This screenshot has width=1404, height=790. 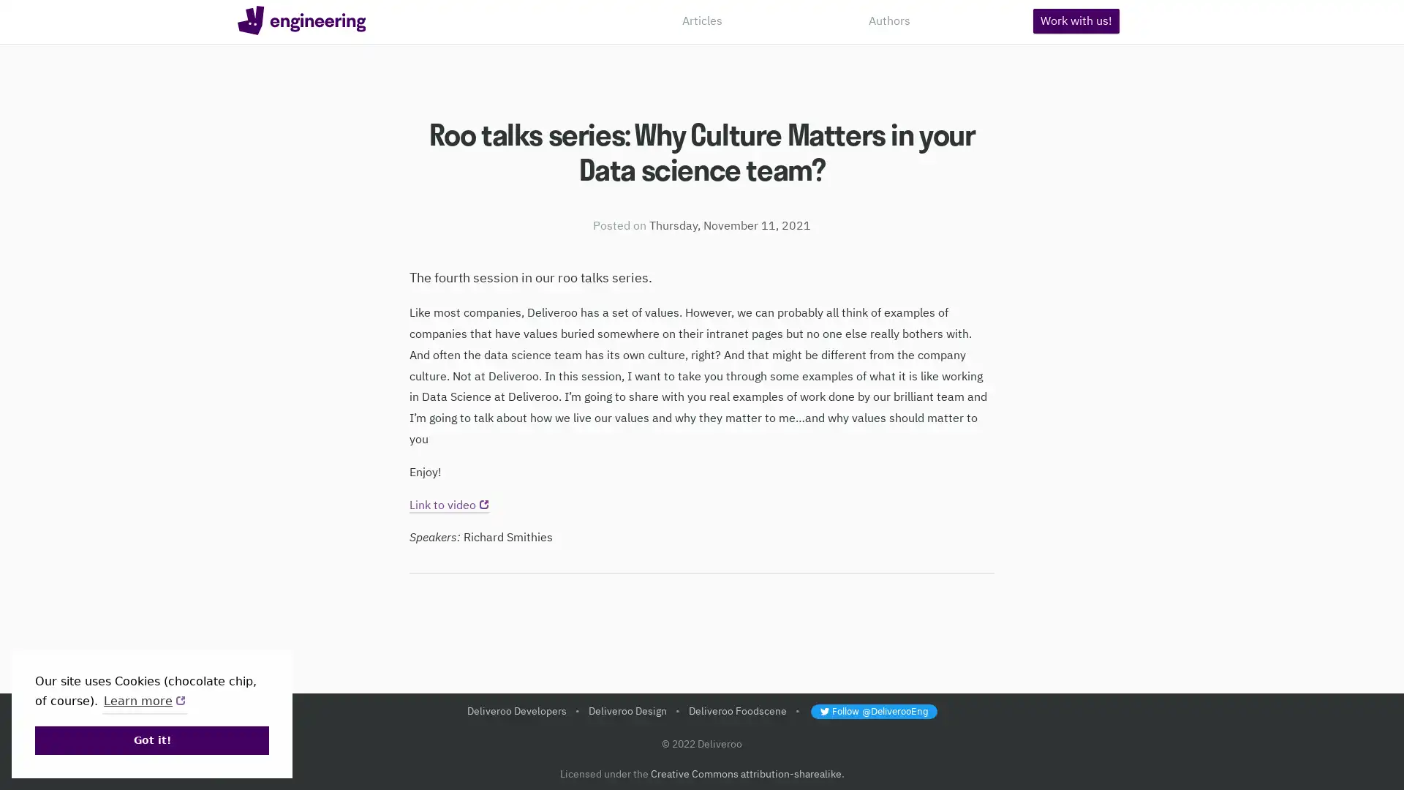 What do you see at coordinates (144, 701) in the screenshot?
I see `learn more about cookies` at bounding box center [144, 701].